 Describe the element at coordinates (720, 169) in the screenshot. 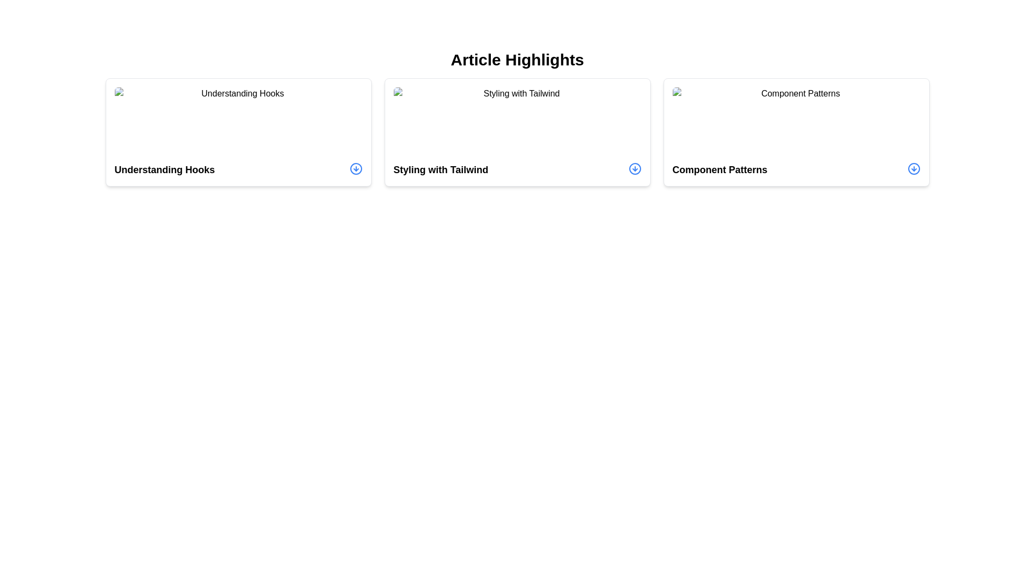

I see `the title text label located at the bottom of the rightmost card in the 'Article Highlights' section, positioned just above a blue circular arrow icon` at that location.